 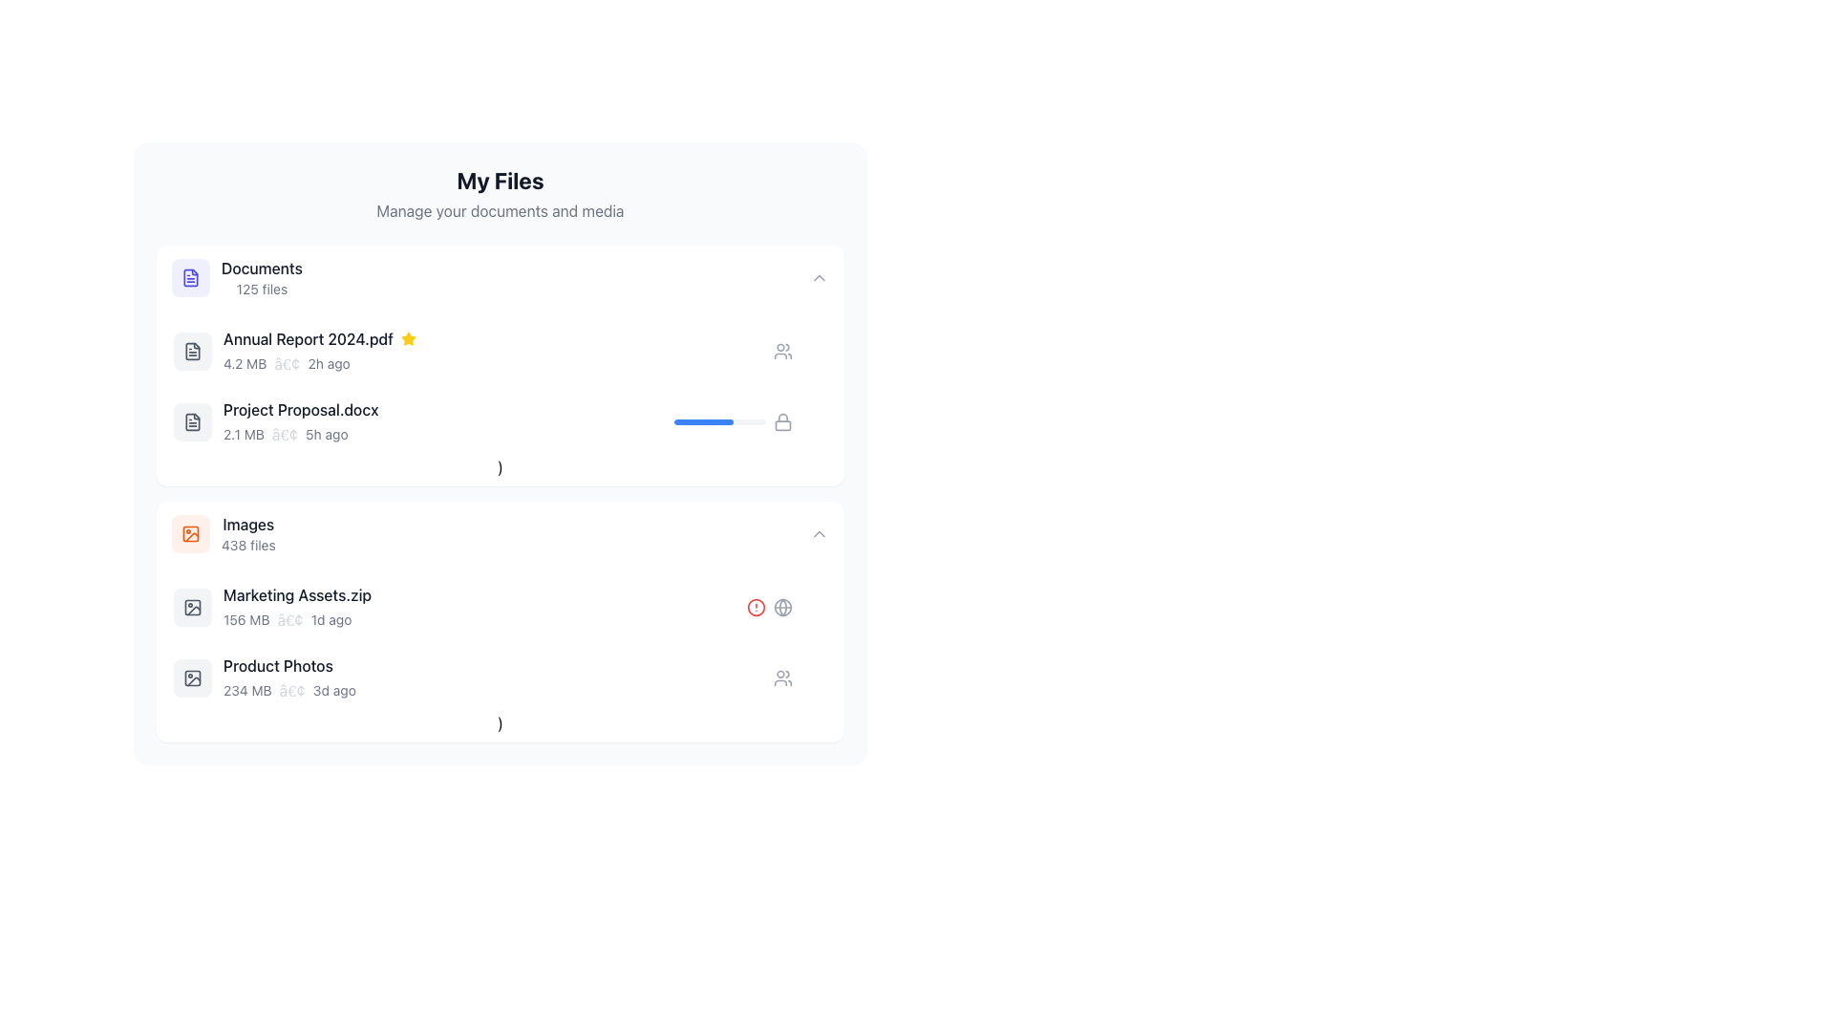 What do you see at coordinates (286, 364) in the screenshot?
I see `the textual symbol that serves as a visual delimiter between the '4.2 MB' text and the '2h ago' text in the file information row` at bounding box center [286, 364].